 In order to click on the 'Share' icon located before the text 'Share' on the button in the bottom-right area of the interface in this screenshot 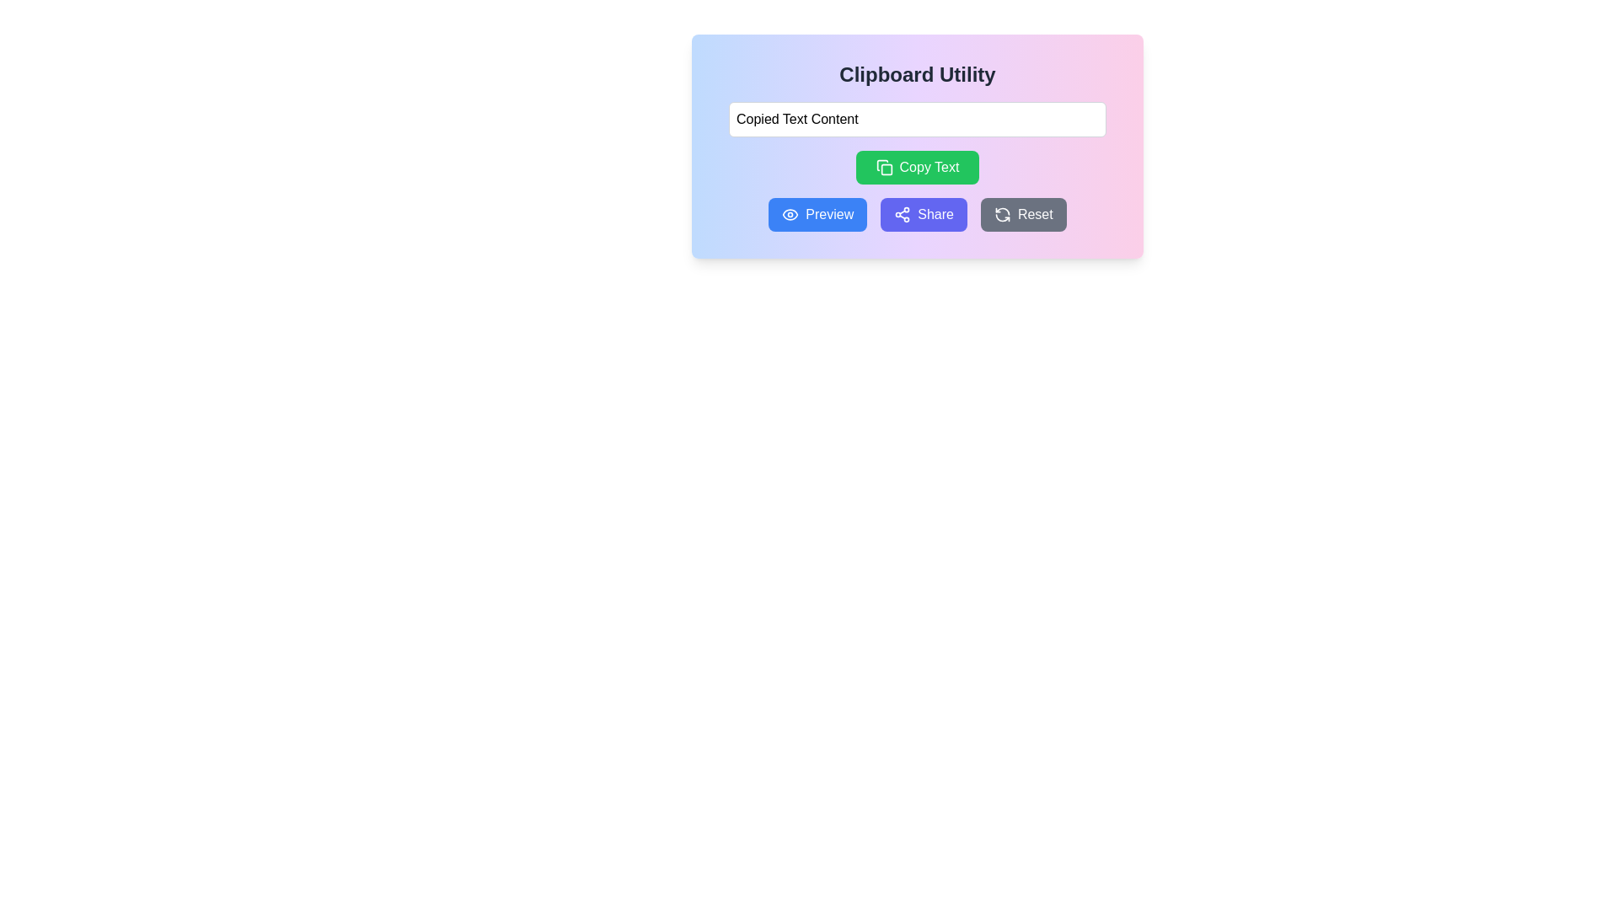, I will do `click(902, 213)`.